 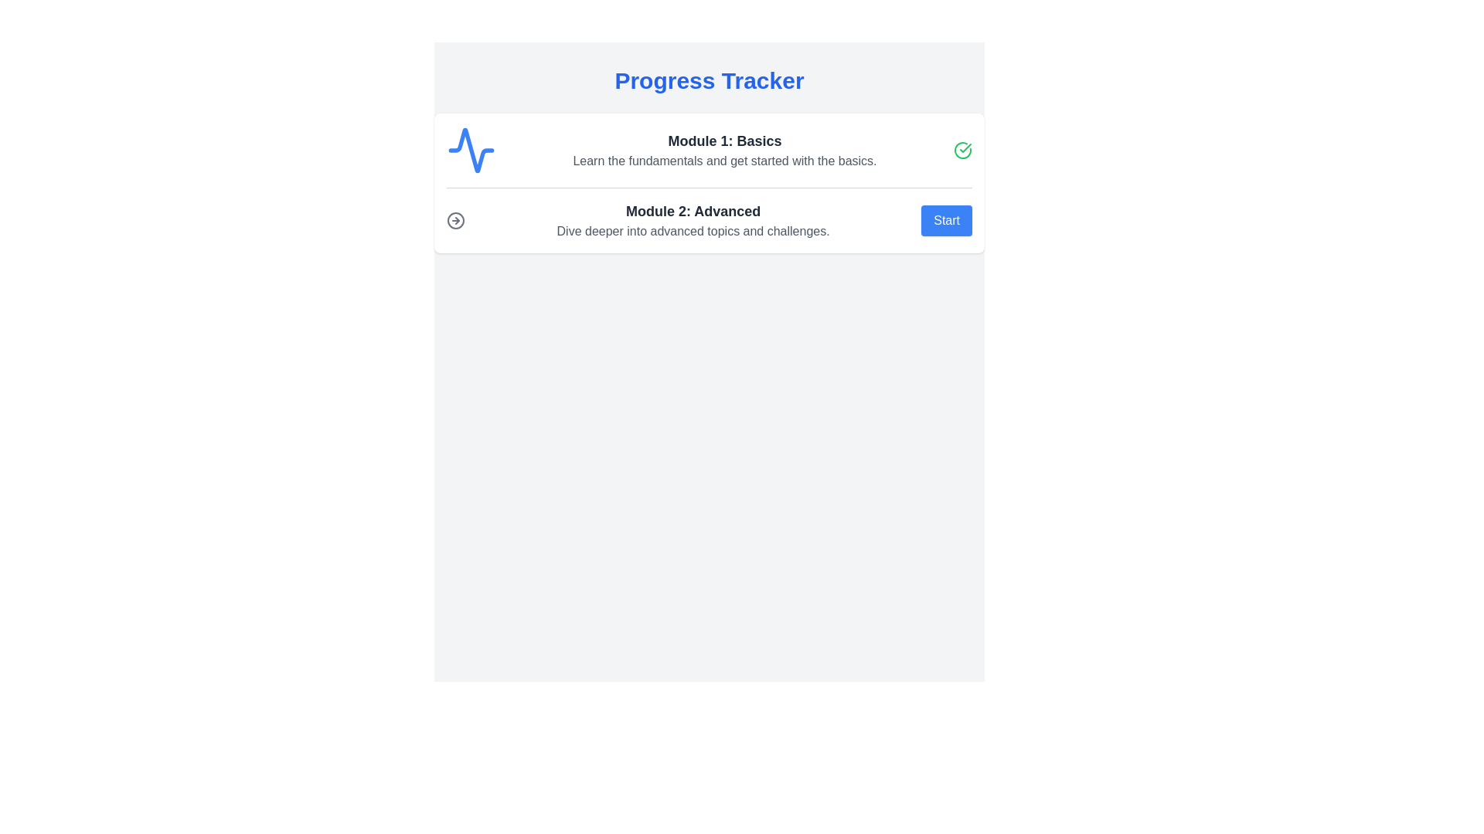 What do you see at coordinates (693, 220) in the screenshot?
I see `the text block that describes 'Module 2: Advanced', located in the middle section of the progress tracker, between 'Module 1: Basics' and the 'Start' button` at bounding box center [693, 220].